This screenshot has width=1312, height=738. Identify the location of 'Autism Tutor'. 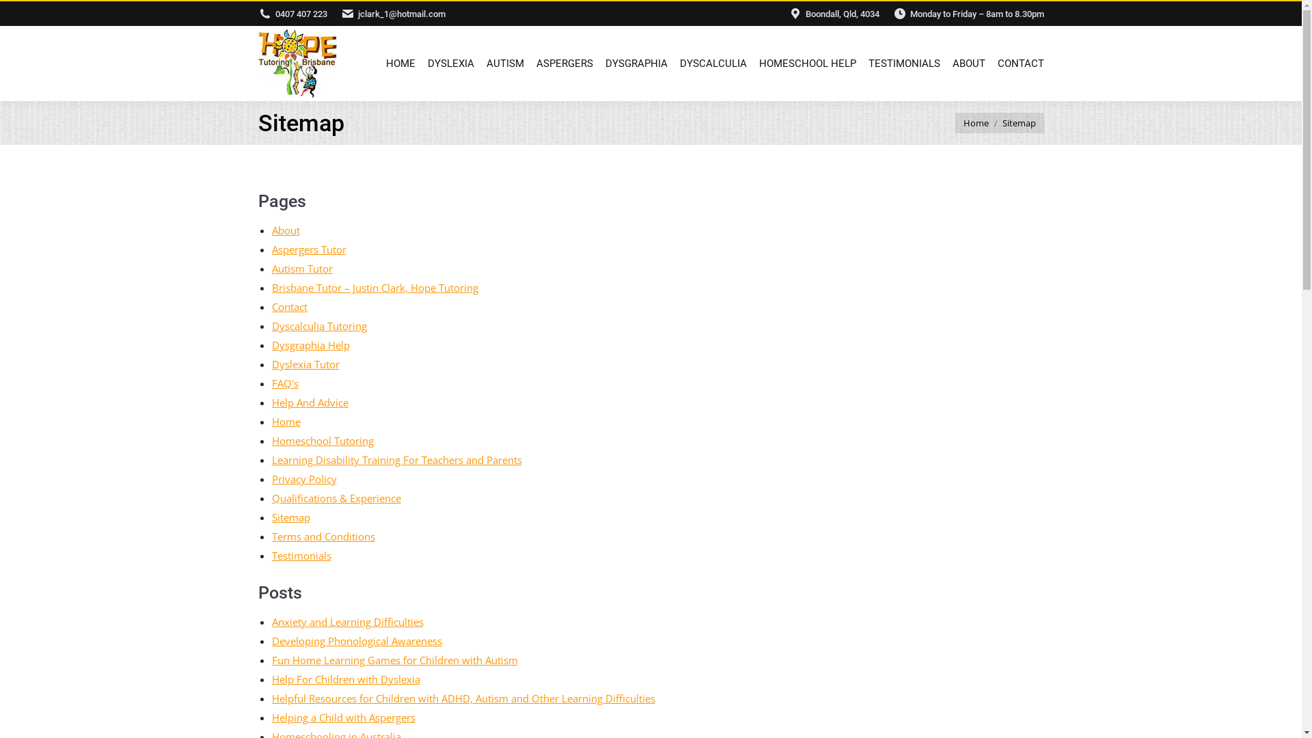
(301, 269).